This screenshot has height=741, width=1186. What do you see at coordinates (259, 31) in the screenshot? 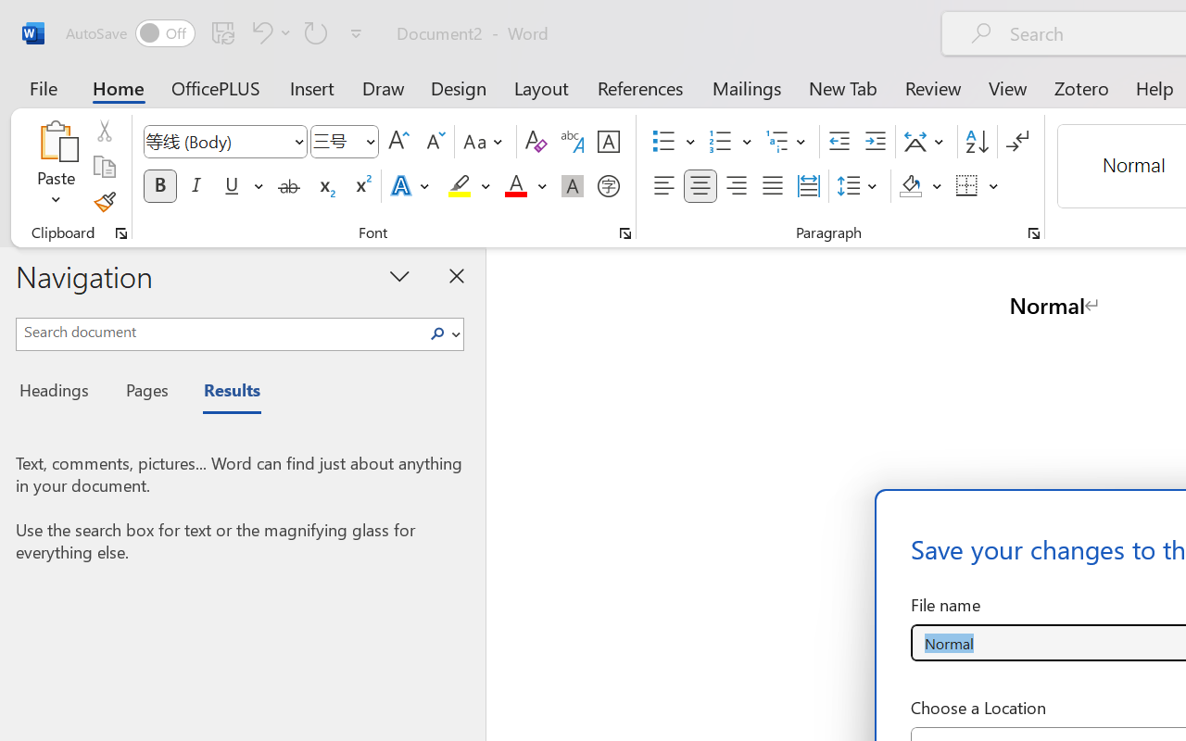
I see `'Undo Style'` at bounding box center [259, 31].